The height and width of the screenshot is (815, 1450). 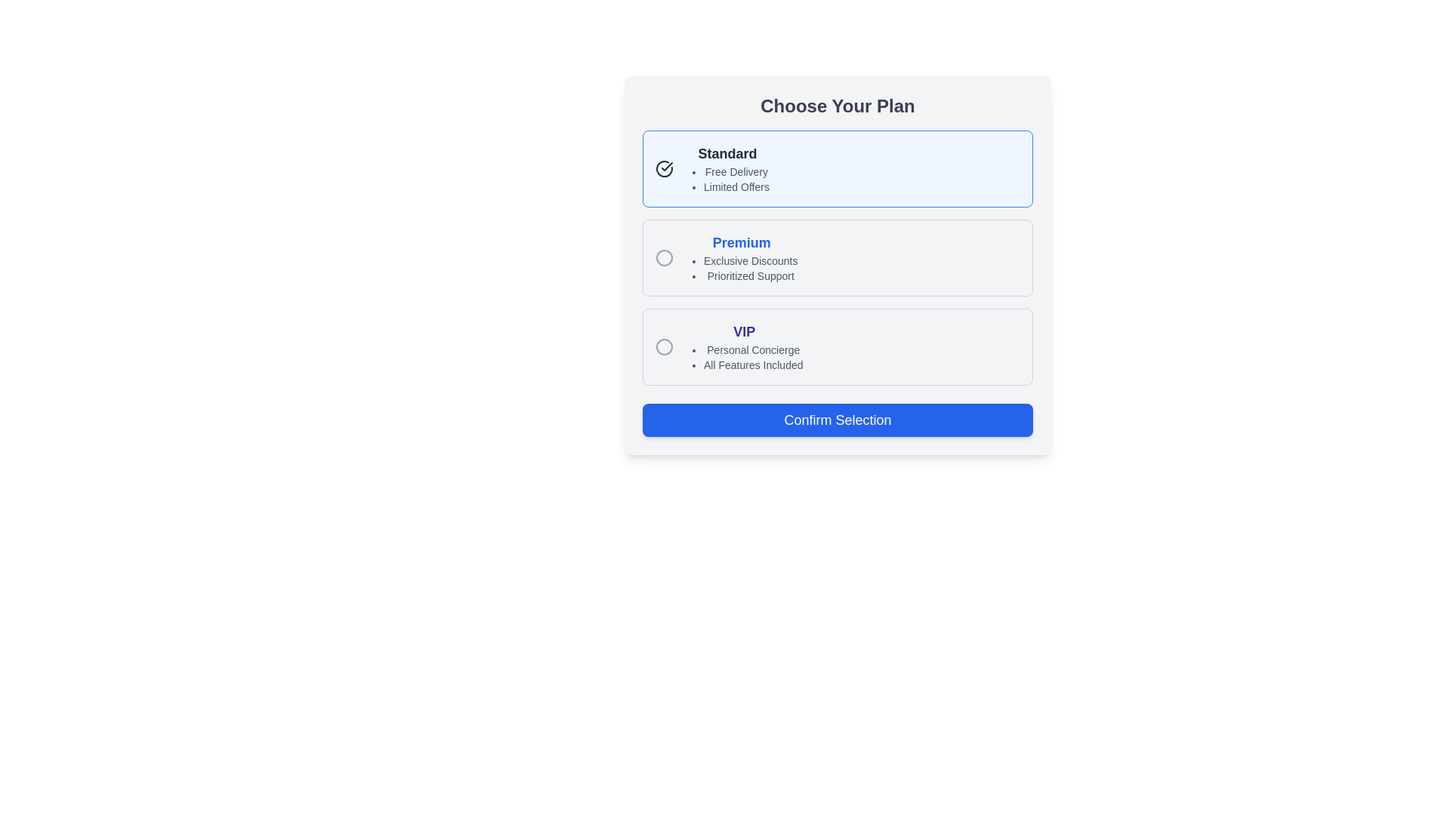 I want to click on the 'Premium' text label, which is formatted in bold, blue font and is visually prominent within the selection card group, so click(x=742, y=241).